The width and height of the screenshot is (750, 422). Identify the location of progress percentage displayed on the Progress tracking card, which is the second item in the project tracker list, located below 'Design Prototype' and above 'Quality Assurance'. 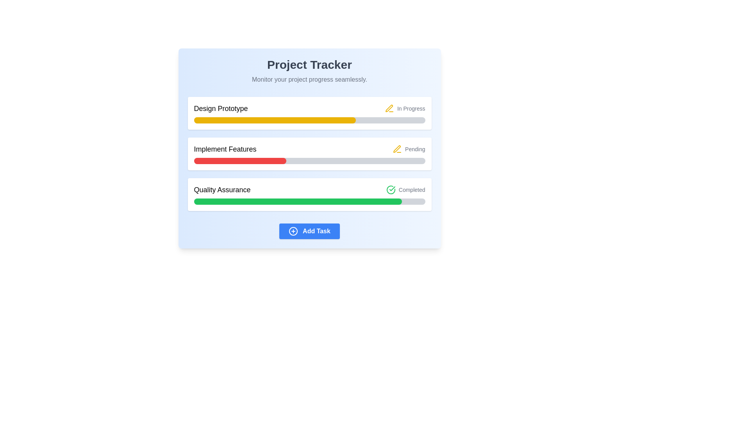
(309, 154).